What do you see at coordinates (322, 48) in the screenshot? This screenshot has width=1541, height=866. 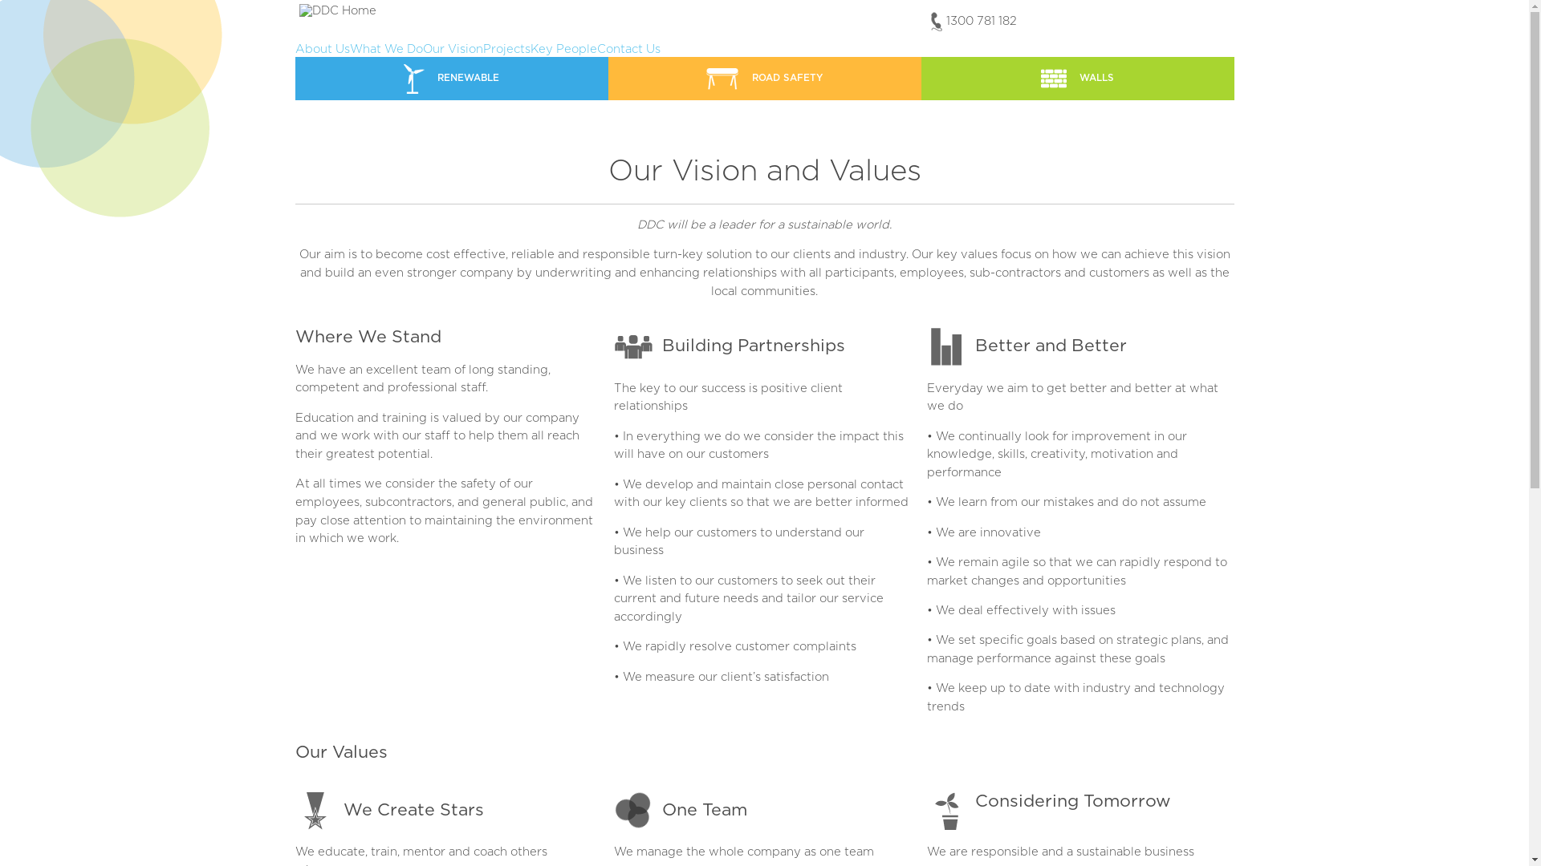 I see `'About Us'` at bounding box center [322, 48].